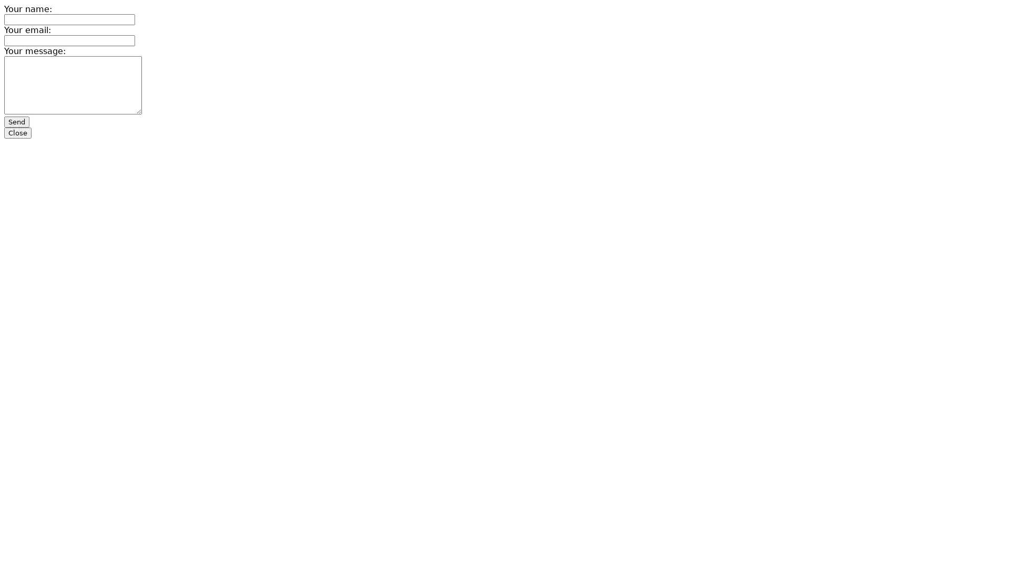 This screenshot has width=1009, height=567. Describe the element at coordinates (17, 121) in the screenshot. I see `Send` at that location.